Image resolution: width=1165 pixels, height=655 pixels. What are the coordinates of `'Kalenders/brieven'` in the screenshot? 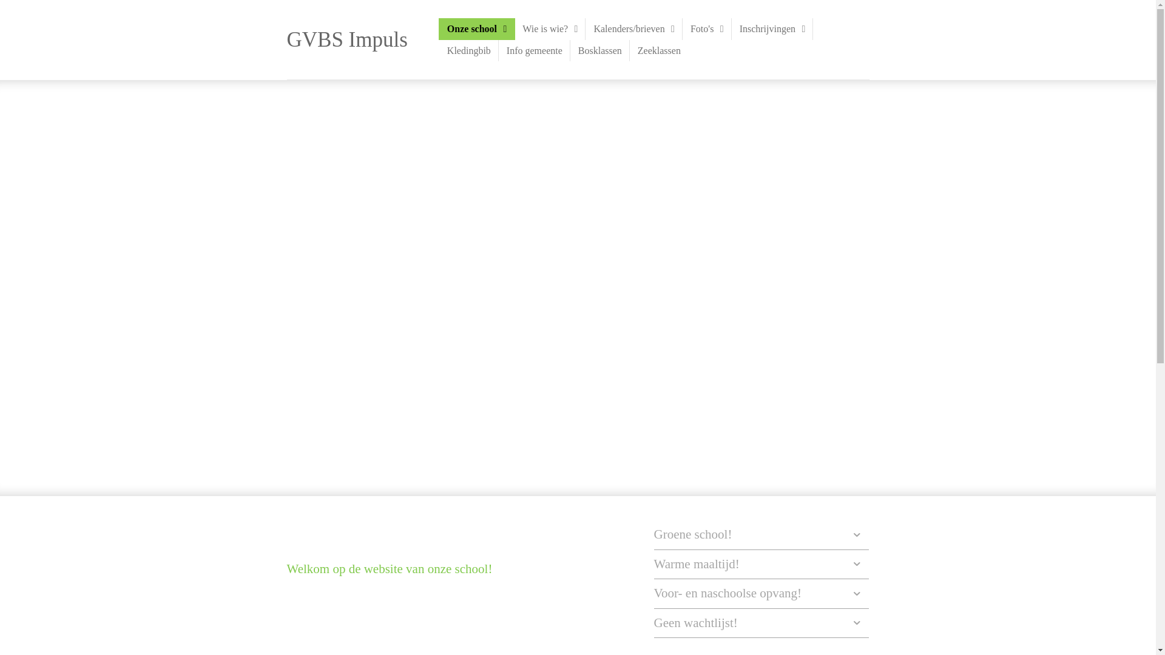 It's located at (633, 28).